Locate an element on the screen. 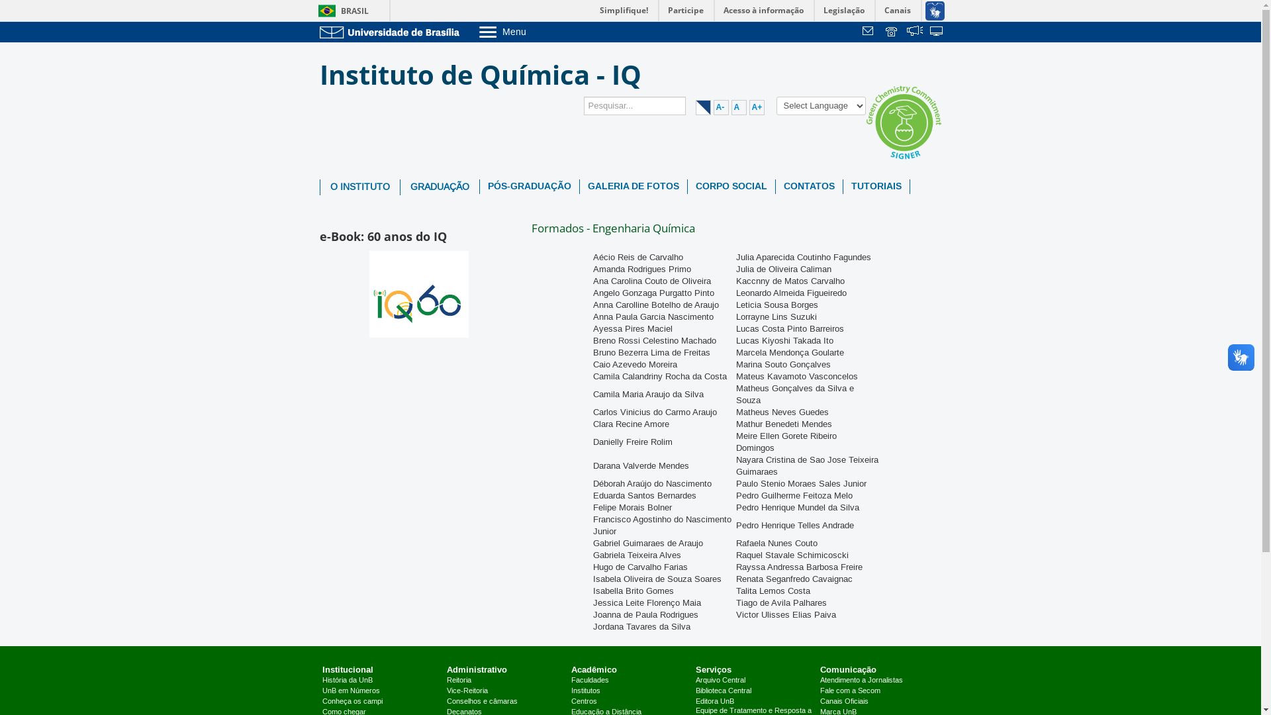  'GALERIA DE FOTOS' is located at coordinates (632, 186).